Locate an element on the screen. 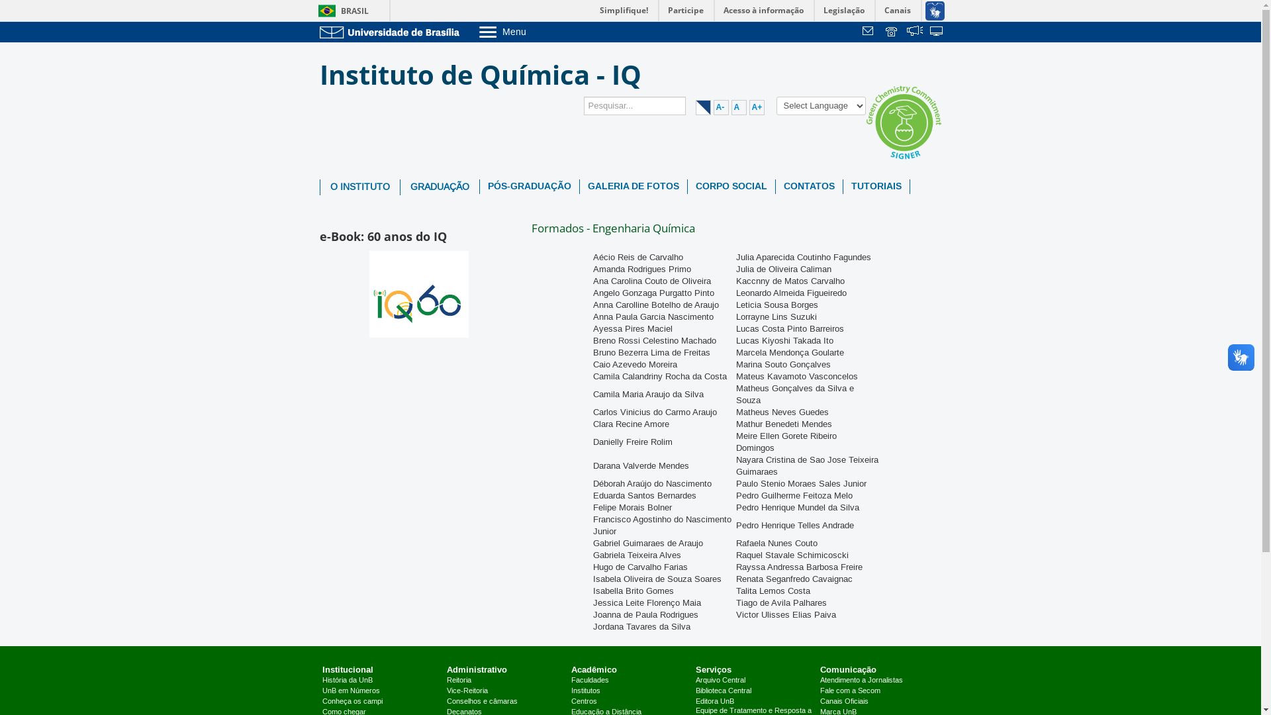  'GALERIA DE FOTOS' is located at coordinates (632, 186).